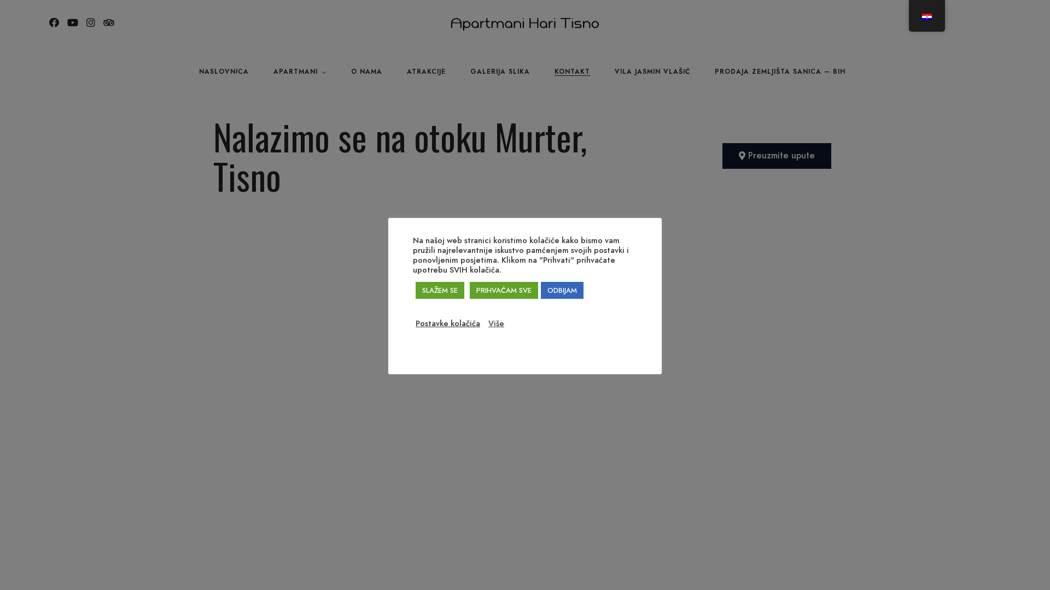  What do you see at coordinates (72, 23) in the screenshot?
I see `'Youtube'` at bounding box center [72, 23].